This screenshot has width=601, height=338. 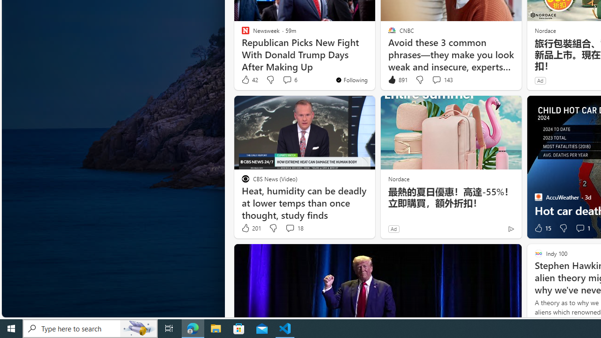 I want to click on 'View comments 18 Comment', so click(x=293, y=228).